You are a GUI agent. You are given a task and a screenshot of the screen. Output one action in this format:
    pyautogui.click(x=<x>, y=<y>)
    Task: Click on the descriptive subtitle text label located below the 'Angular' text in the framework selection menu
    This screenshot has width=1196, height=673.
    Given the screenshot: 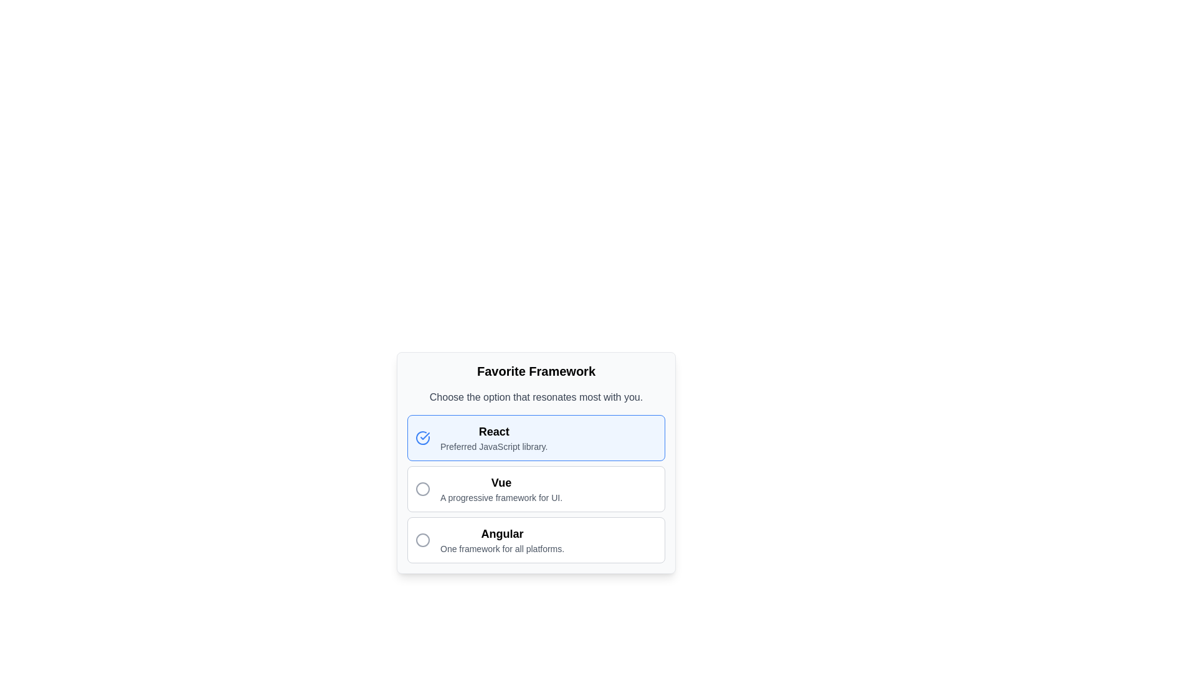 What is the action you would take?
    pyautogui.click(x=502, y=548)
    